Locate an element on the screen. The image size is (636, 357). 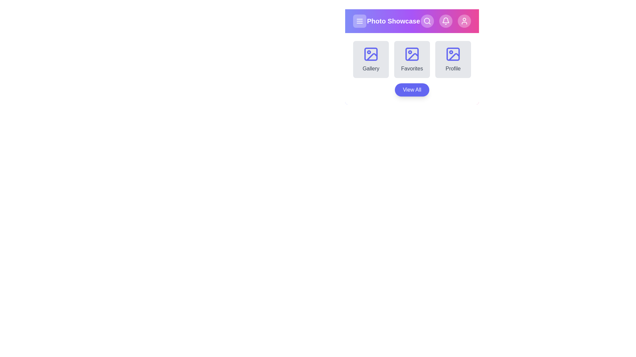
the Profile section from the available options is located at coordinates (453, 59).